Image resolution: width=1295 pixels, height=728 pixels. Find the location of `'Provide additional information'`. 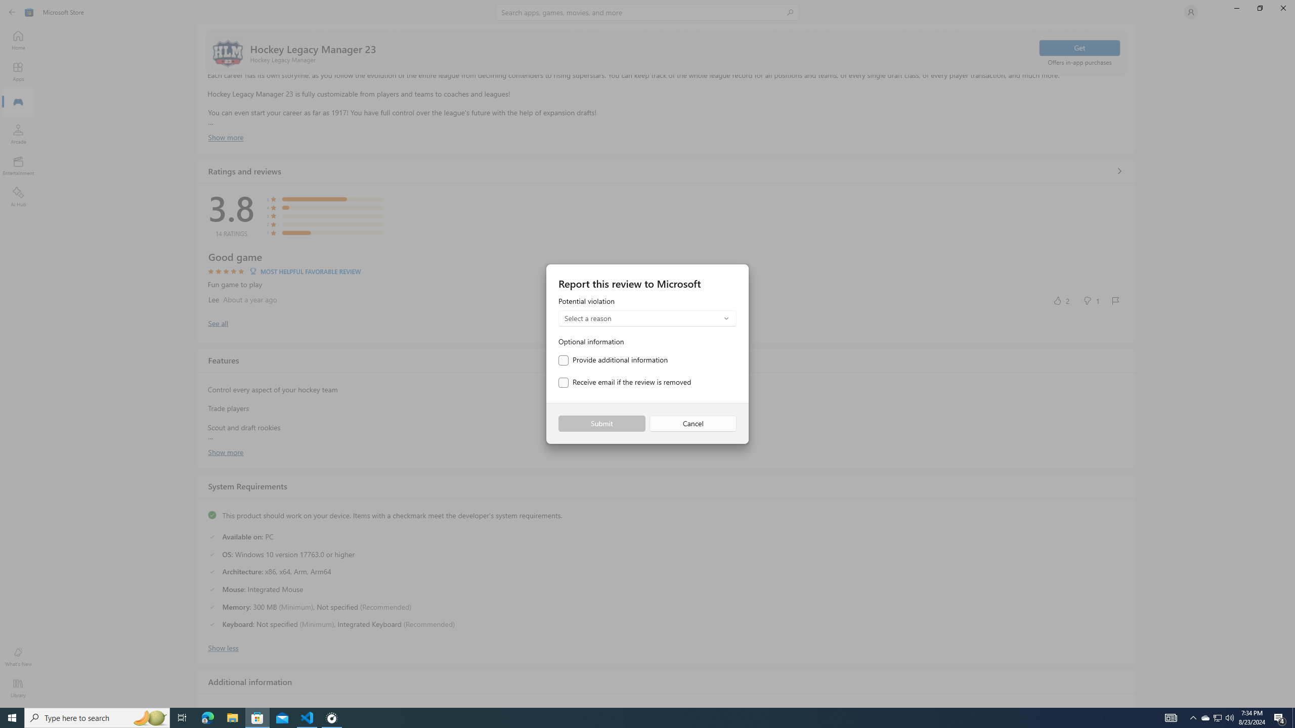

'Provide additional information' is located at coordinates (613, 360).